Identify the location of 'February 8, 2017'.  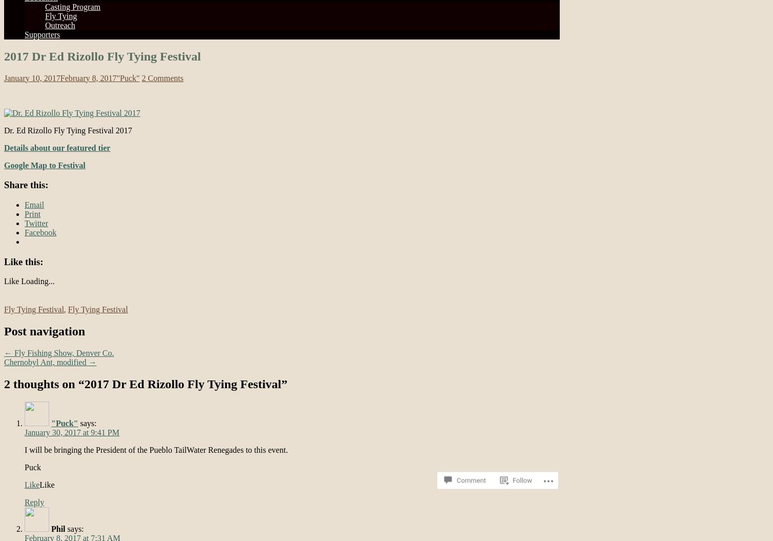
(88, 77).